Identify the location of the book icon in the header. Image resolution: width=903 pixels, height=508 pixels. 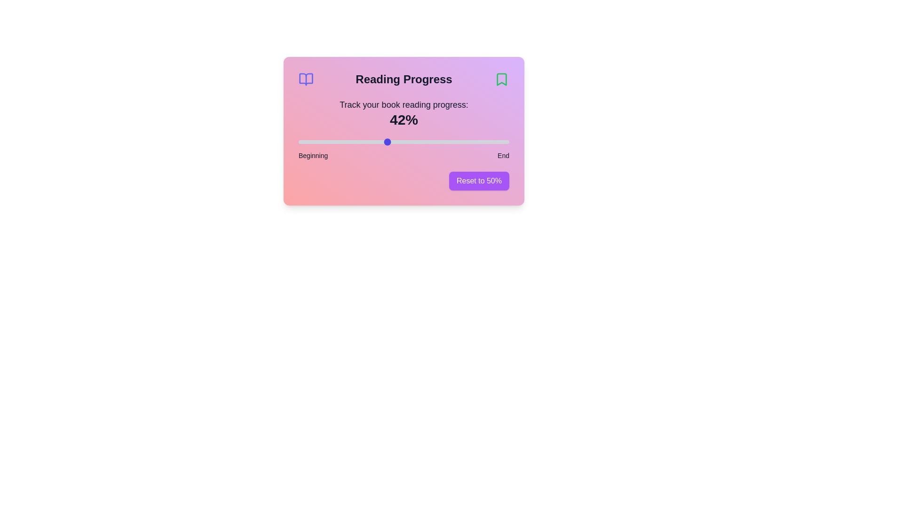
(306, 79).